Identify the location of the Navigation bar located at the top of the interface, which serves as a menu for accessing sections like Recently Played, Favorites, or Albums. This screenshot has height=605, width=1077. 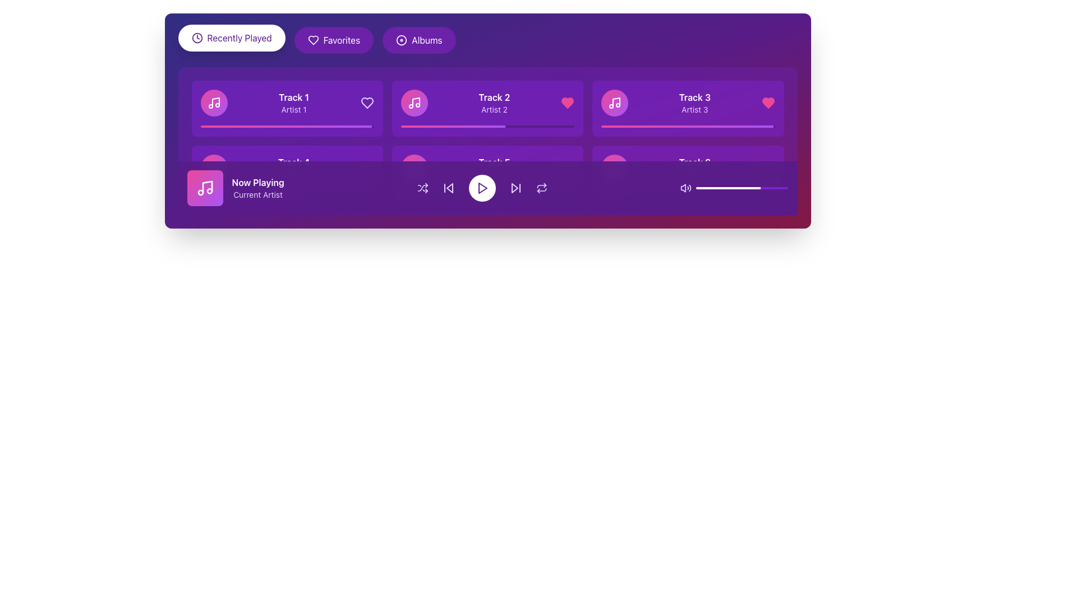
(487, 40).